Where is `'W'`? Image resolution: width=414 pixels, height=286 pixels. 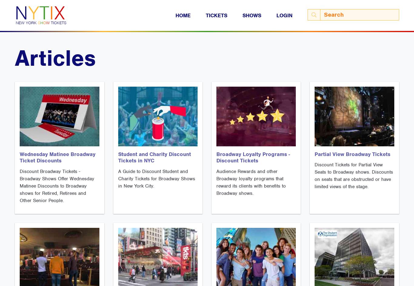
'W' is located at coordinates (46, 22).